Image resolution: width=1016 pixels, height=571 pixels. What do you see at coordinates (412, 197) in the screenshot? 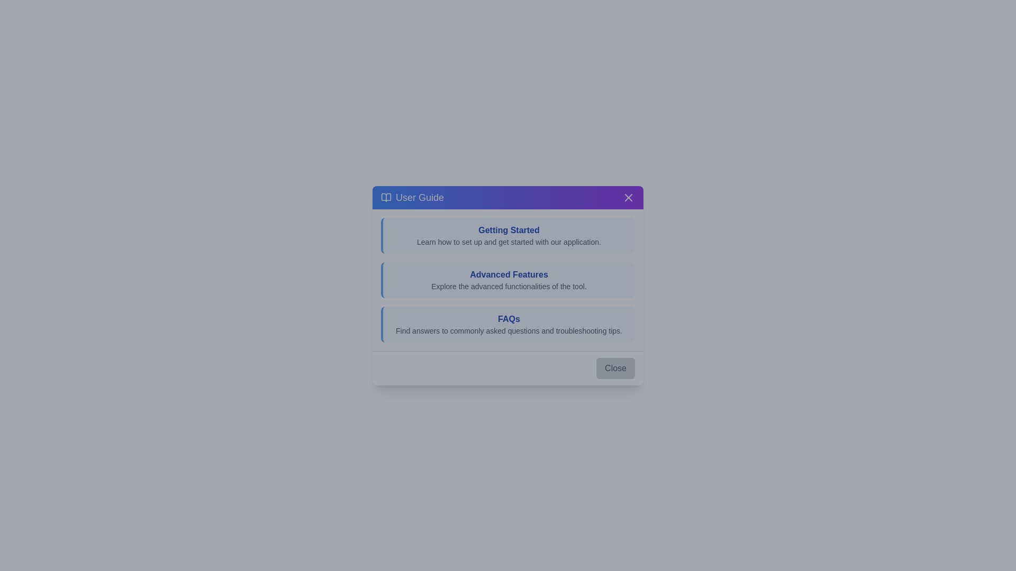
I see `the 'User Guide' text label with a book icon, which is located in the top-left corner of the header with a gradient blue to purple background` at bounding box center [412, 197].